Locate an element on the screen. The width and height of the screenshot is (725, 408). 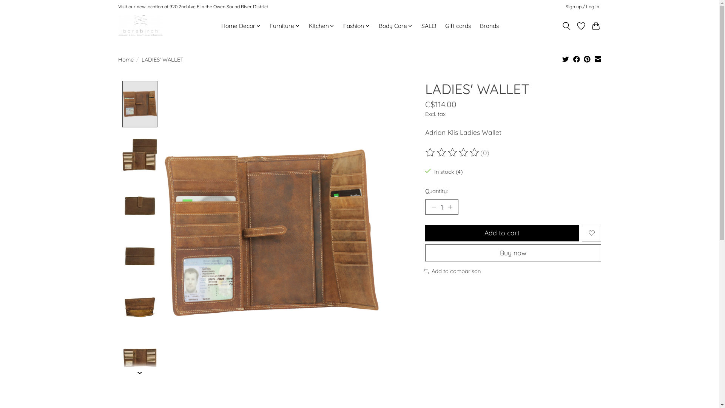
'Home Decor' is located at coordinates (241, 25).